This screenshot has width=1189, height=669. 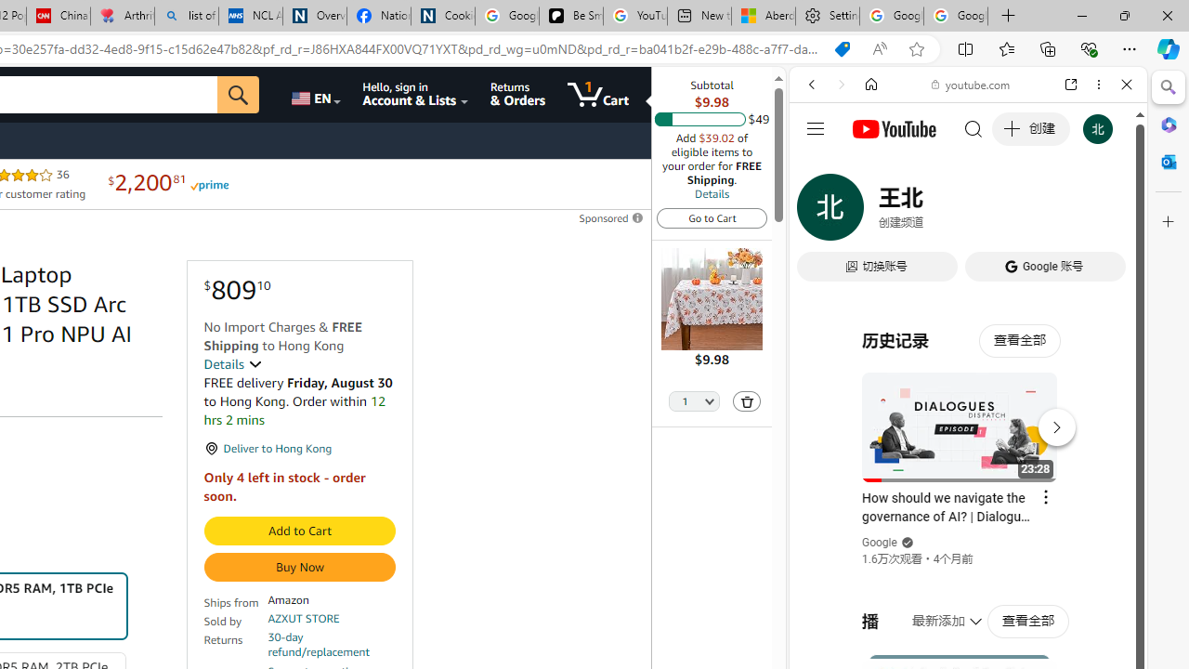 I want to click on 'Show More Music', so click(x=1081, y=507).